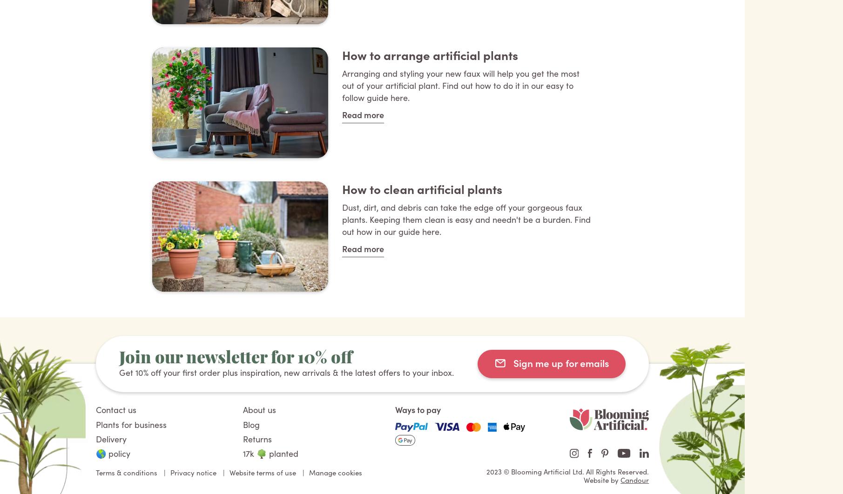 Image resolution: width=843 pixels, height=494 pixels. What do you see at coordinates (262, 471) in the screenshot?
I see `'Website terms of use'` at bounding box center [262, 471].